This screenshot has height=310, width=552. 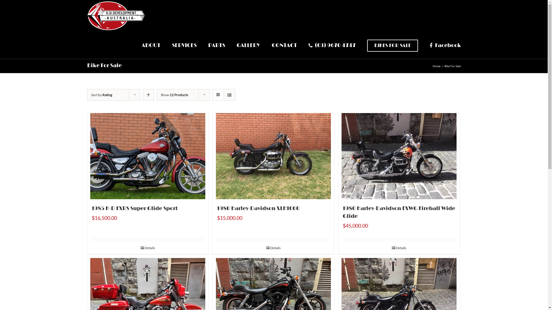 What do you see at coordinates (444, 45) in the screenshot?
I see `'Facebook'` at bounding box center [444, 45].